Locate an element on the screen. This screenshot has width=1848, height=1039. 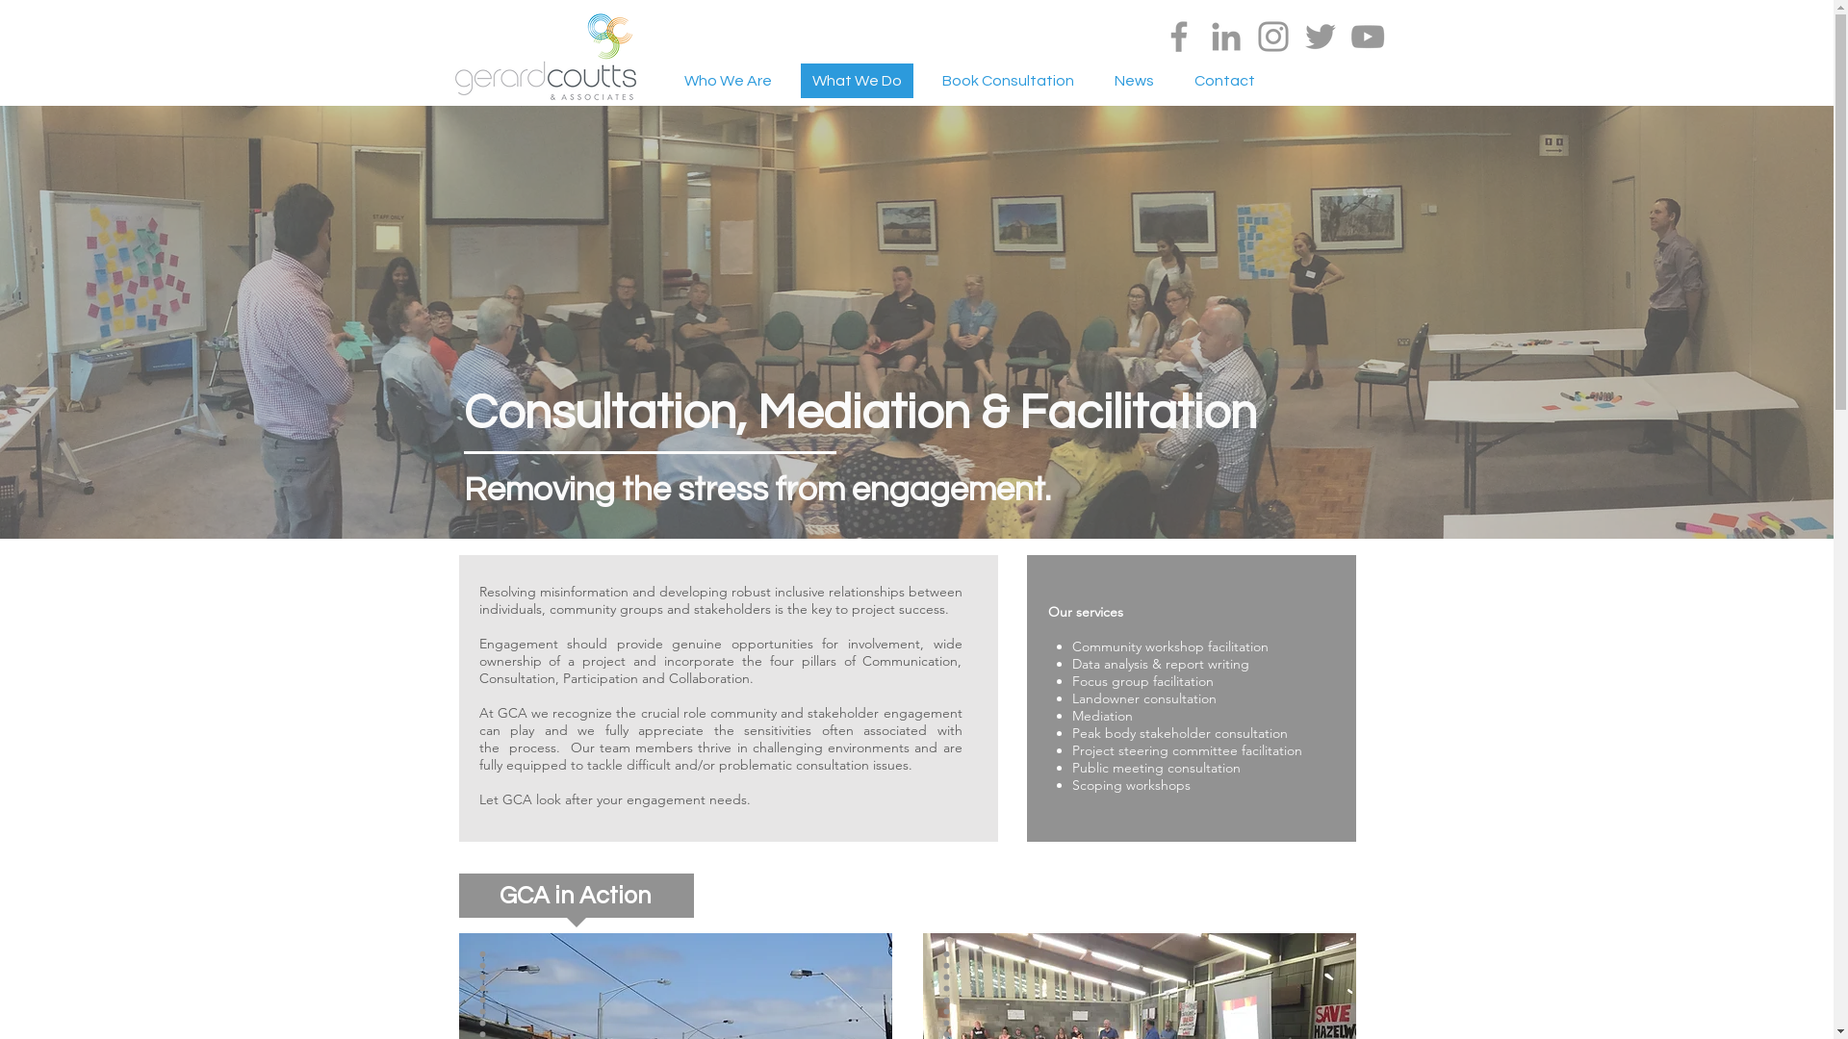
'Site Search' is located at coordinates (1285, 82).